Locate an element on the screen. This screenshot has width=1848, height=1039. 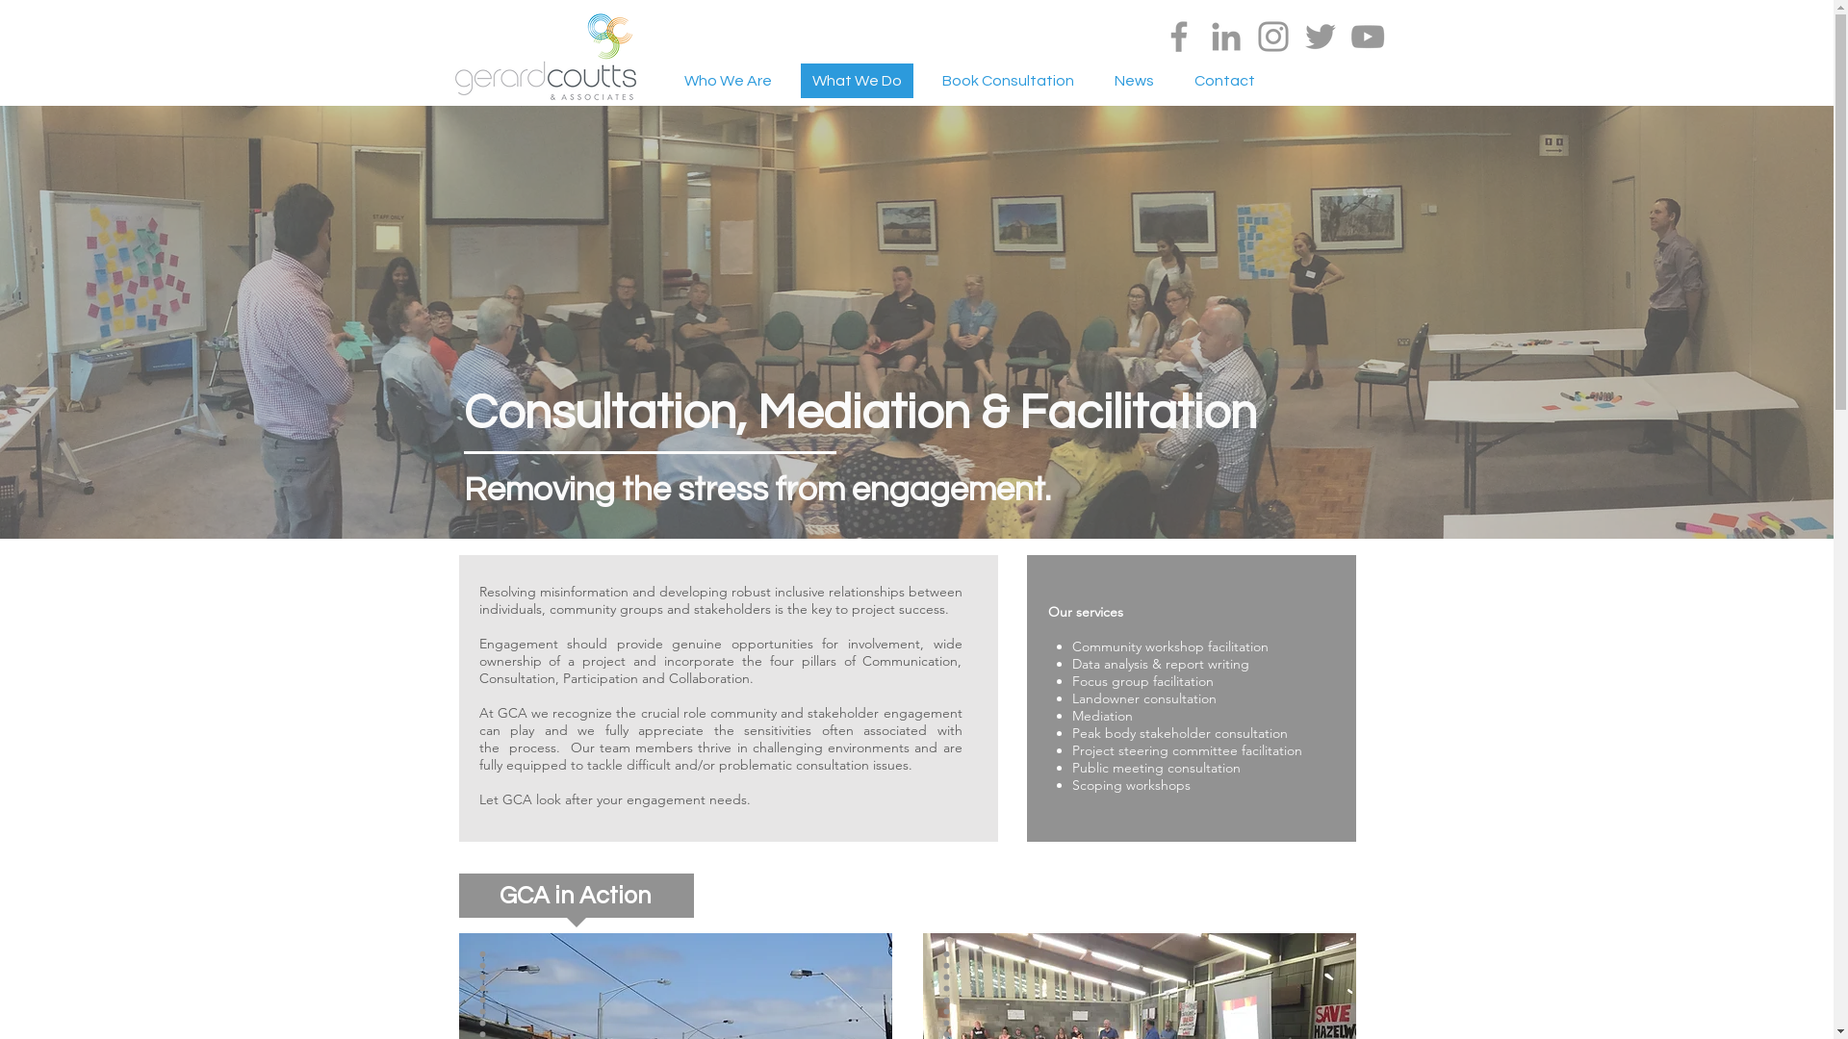
'Site Search' is located at coordinates (1285, 82).